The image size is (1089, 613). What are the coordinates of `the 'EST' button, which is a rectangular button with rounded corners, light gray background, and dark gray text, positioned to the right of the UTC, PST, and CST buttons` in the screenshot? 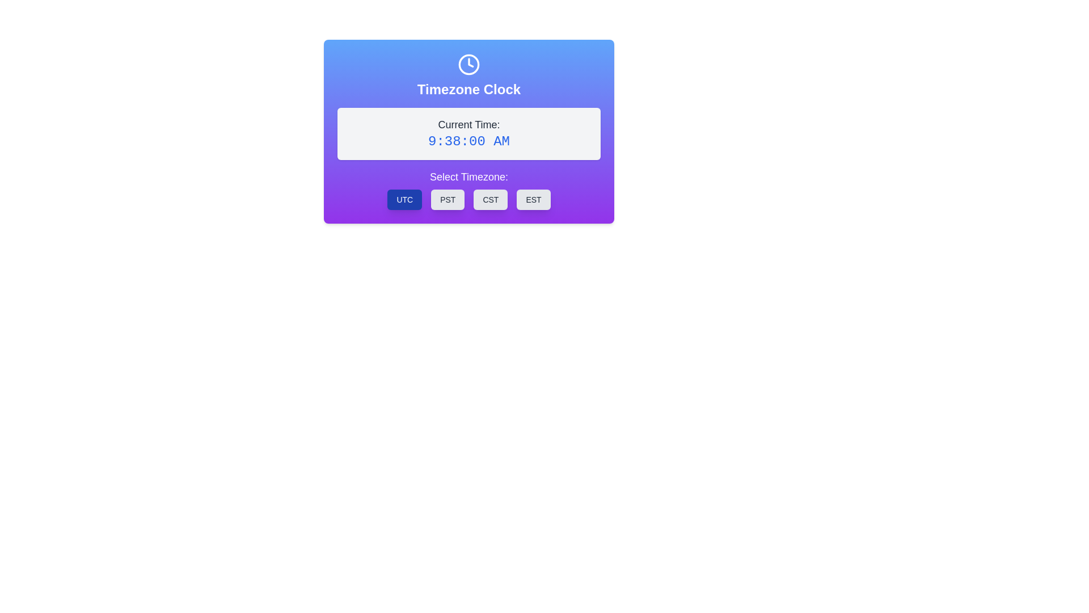 It's located at (533, 199).